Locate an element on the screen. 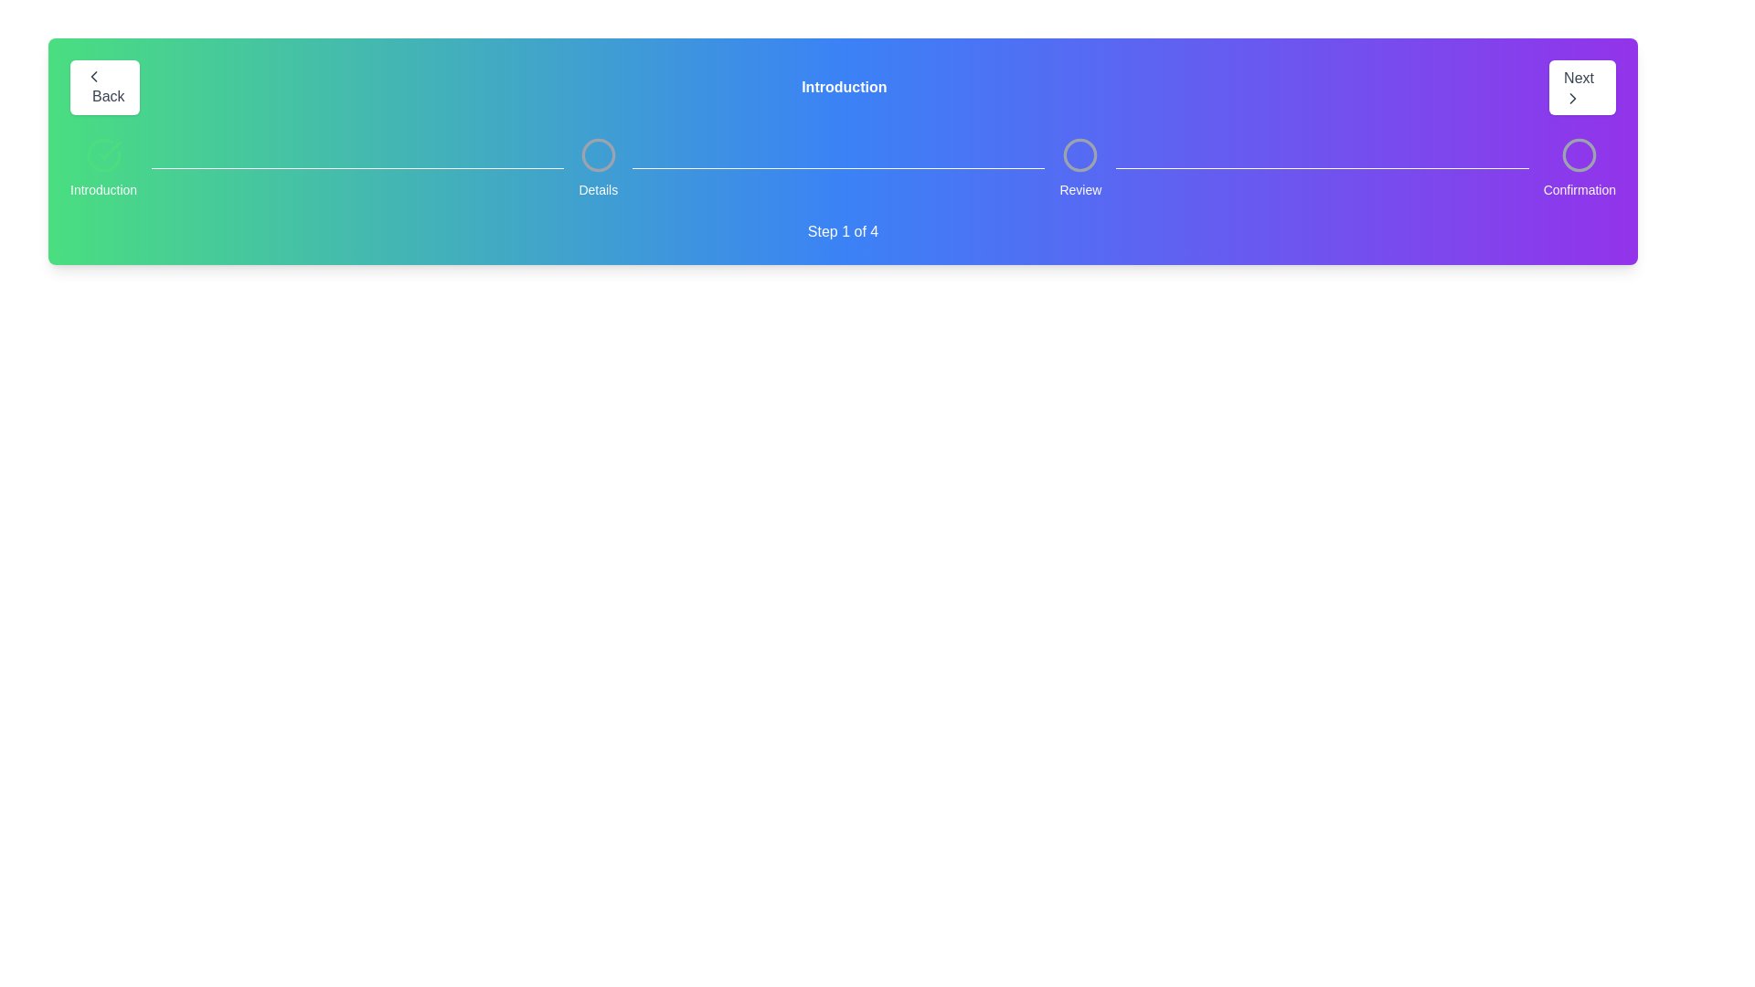 The image size is (1755, 987). the static text label reading 'Introduction', which is styled in a small white font against a green background and is positioned below a green check icon in a progress indicator interface is located at coordinates (102, 190).